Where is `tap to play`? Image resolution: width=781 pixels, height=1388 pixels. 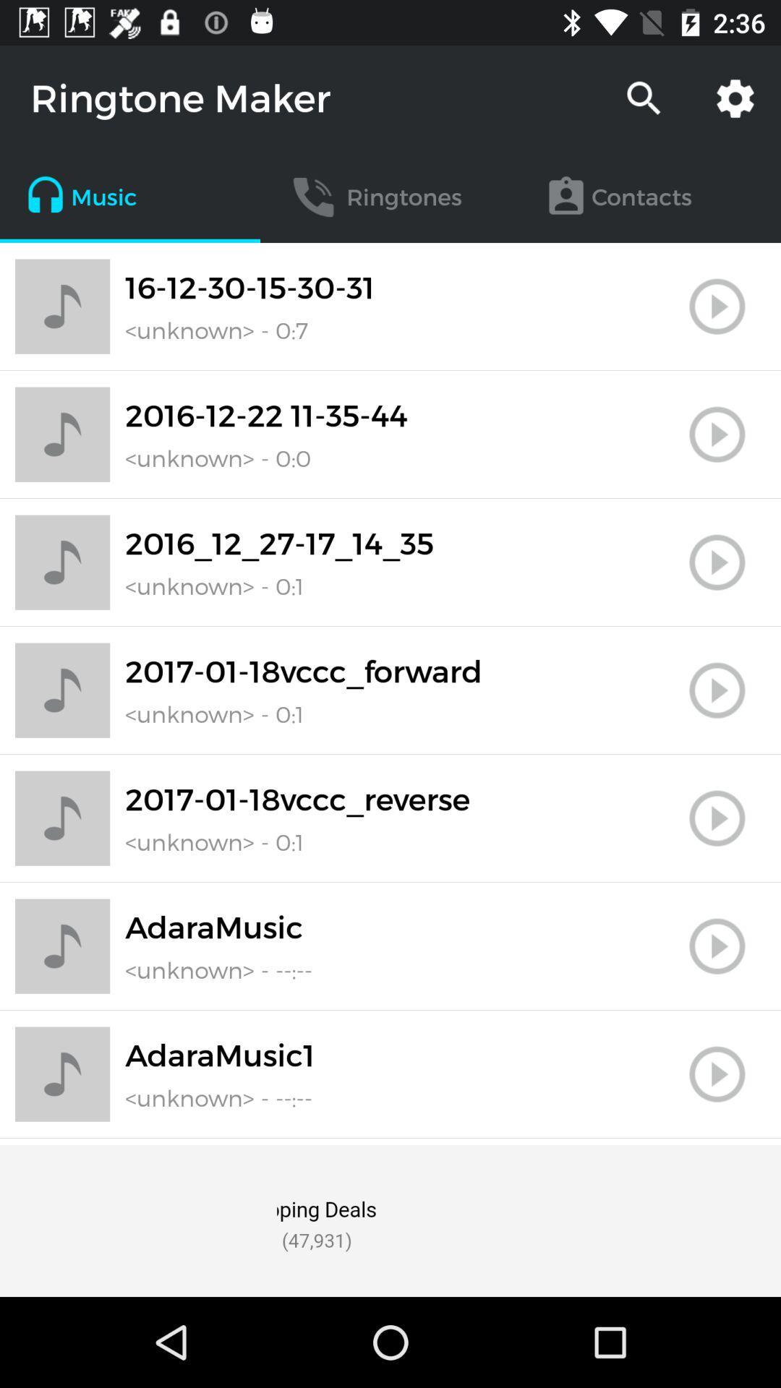 tap to play is located at coordinates (717, 434).